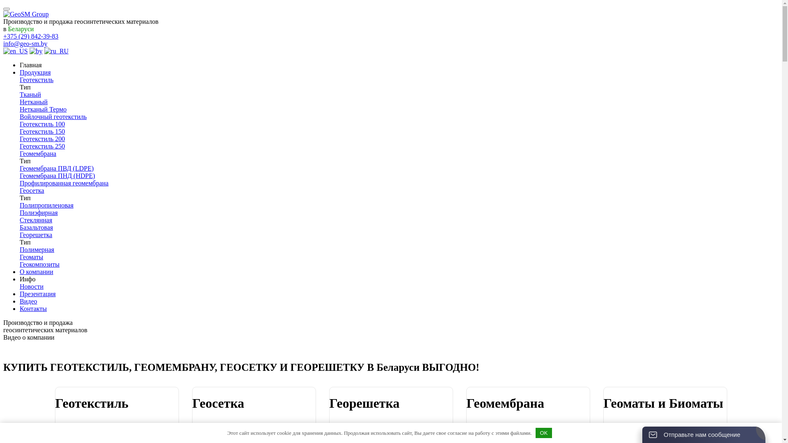 The image size is (788, 443). I want to click on 'OK', so click(543, 432).